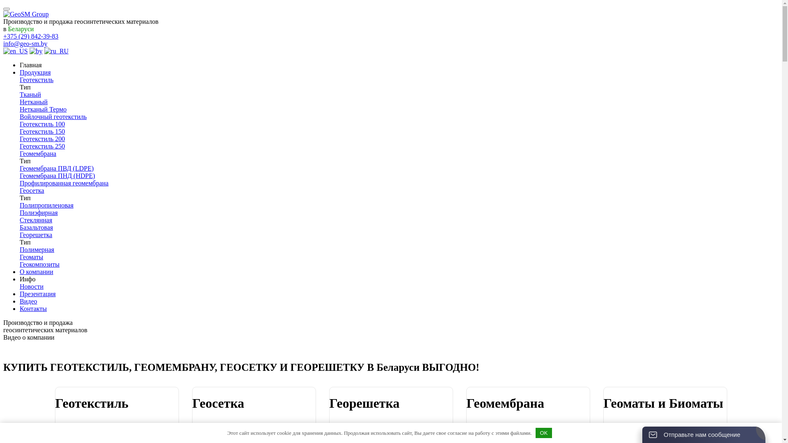 The image size is (788, 443). I want to click on 'OK', so click(543, 432).